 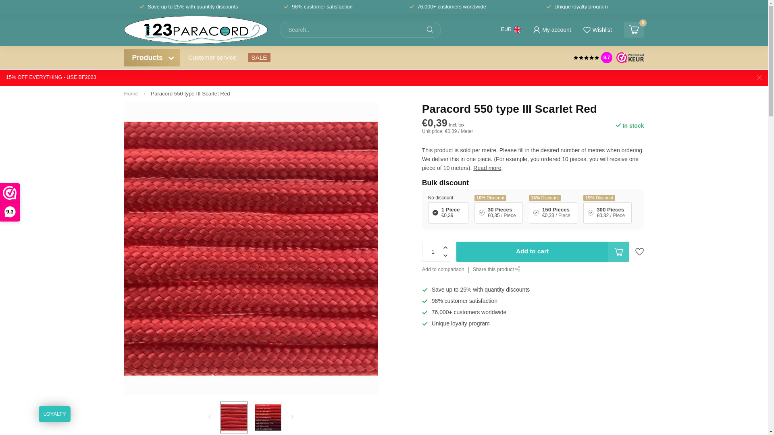 What do you see at coordinates (487, 167) in the screenshot?
I see `'Read more.'` at bounding box center [487, 167].